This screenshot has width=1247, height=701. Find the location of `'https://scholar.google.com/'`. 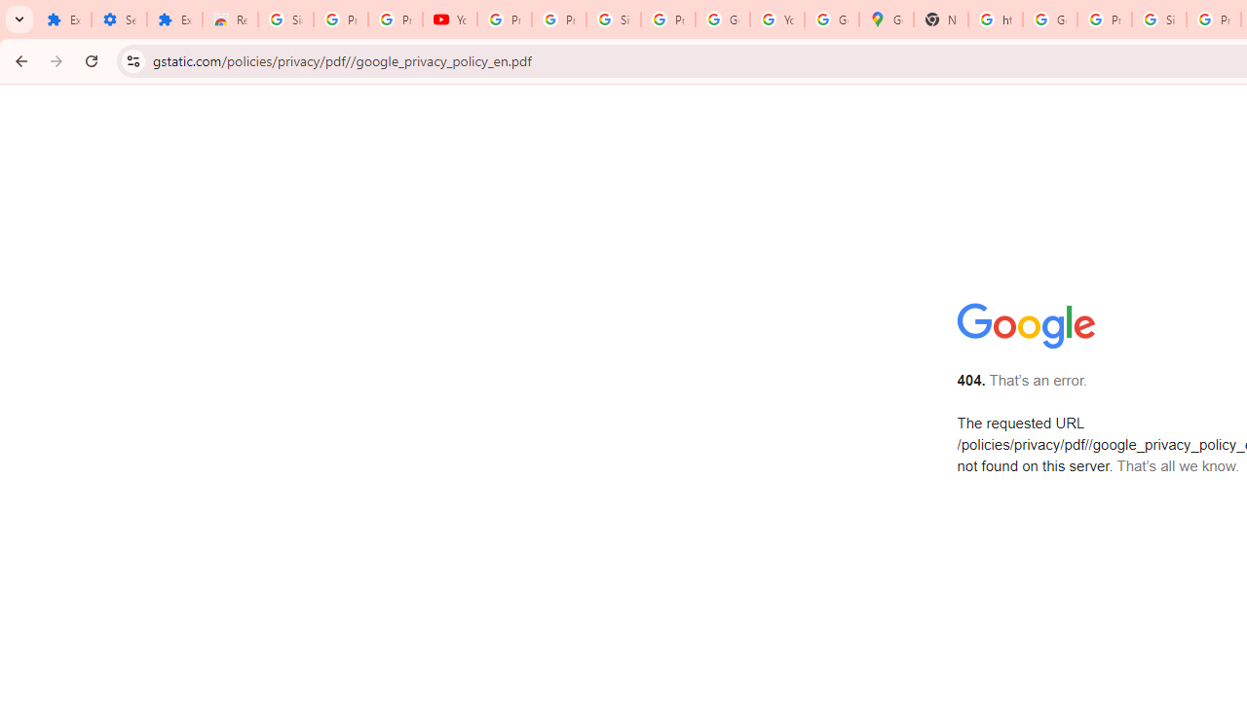

'https://scholar.google.com/' is located at coordinates (996, 19).